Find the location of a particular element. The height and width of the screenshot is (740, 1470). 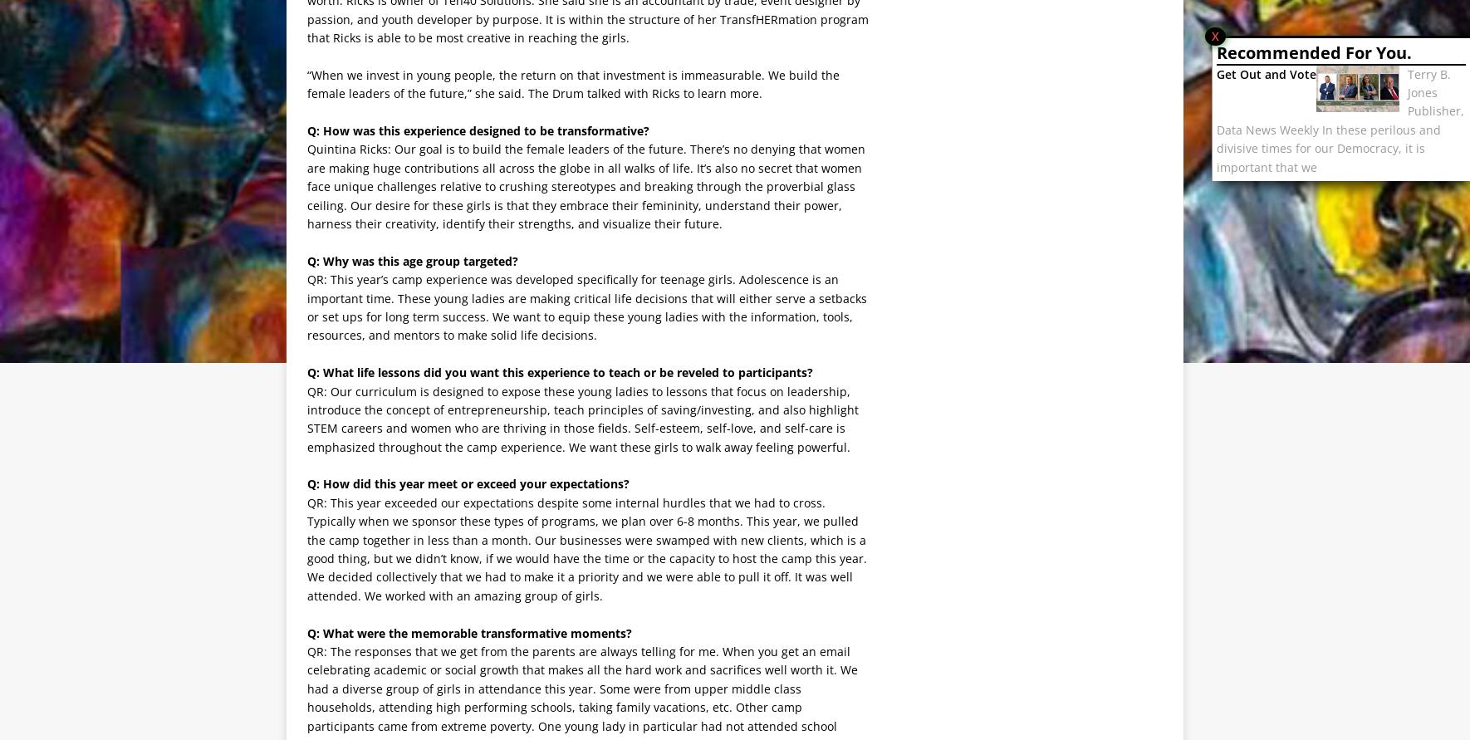

'Q: What were the memorable transformative moments?' is located at coordinates (469, 632).